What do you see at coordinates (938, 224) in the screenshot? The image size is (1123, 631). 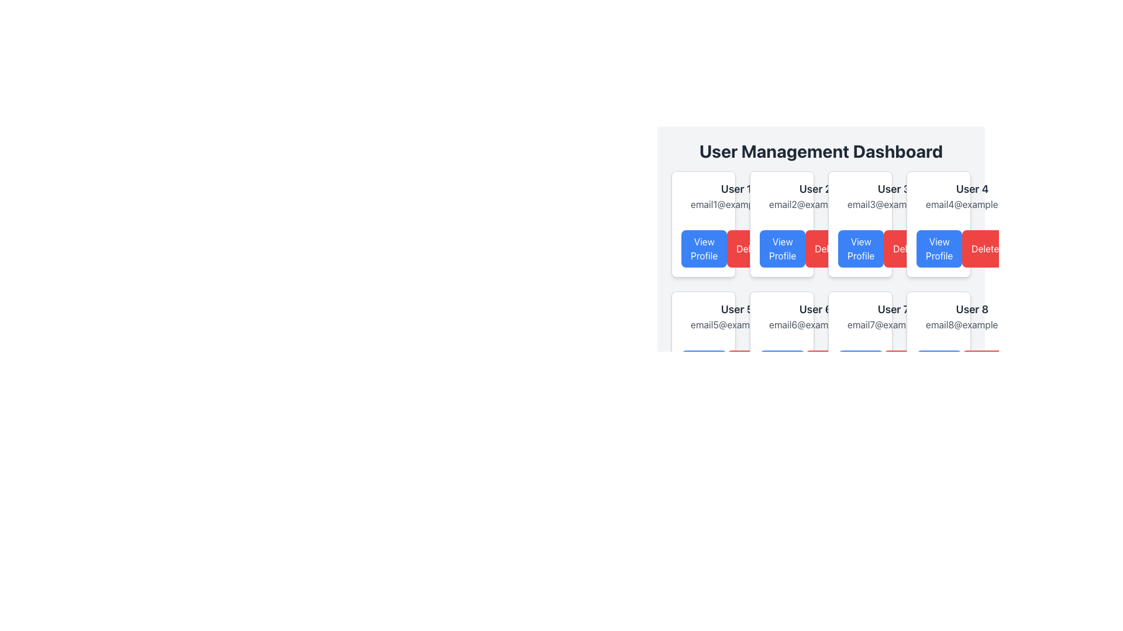 I see `the User information card located in the grid layout, specifically the fourth card in the first row` at bounding box center [938, 224].